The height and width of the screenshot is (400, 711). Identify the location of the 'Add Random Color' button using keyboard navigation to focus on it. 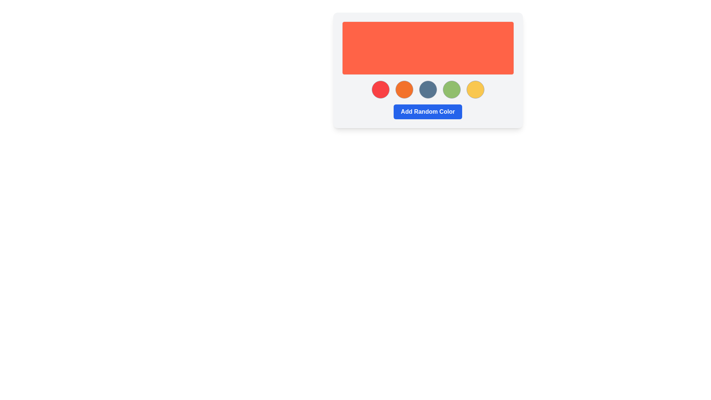
(428, 111).